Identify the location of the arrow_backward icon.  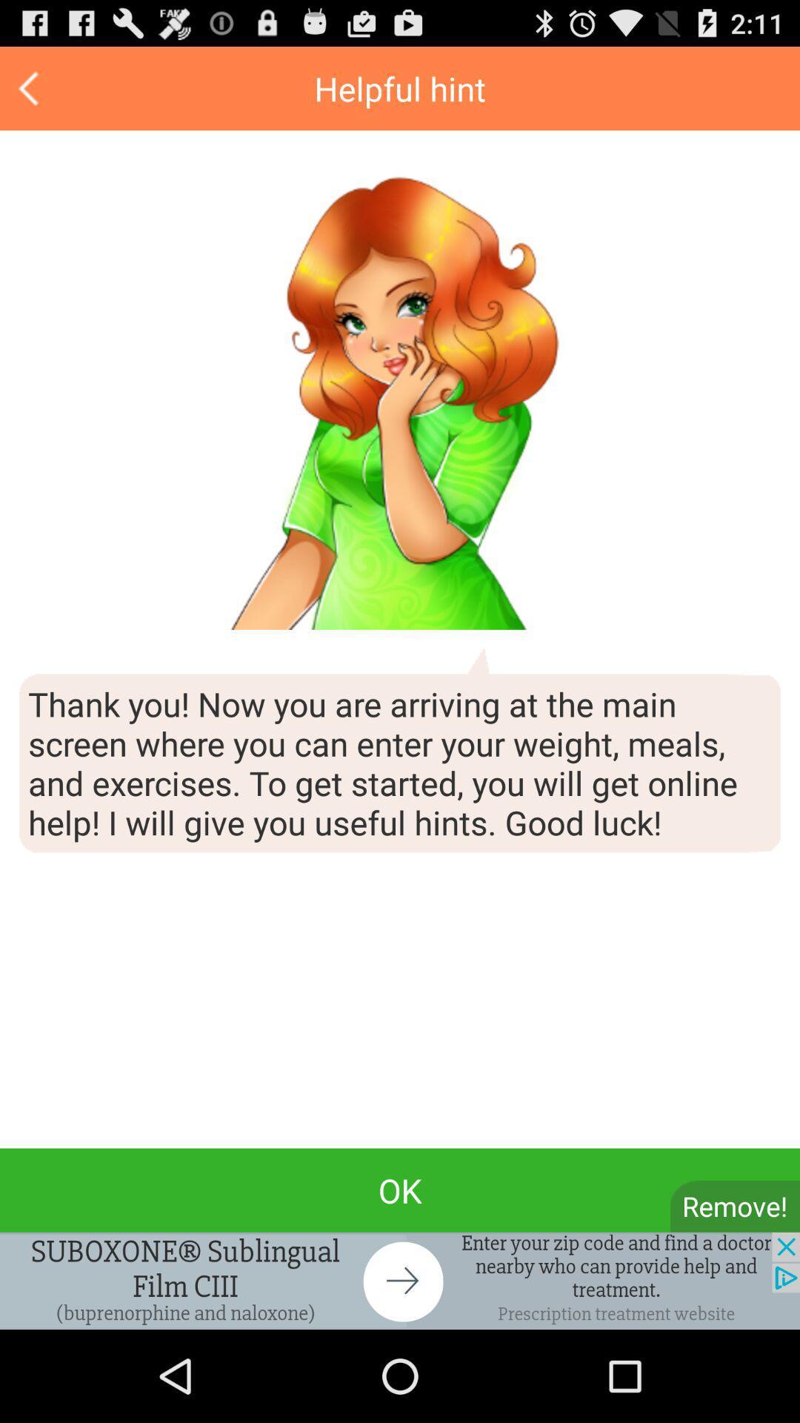
(30, 94).